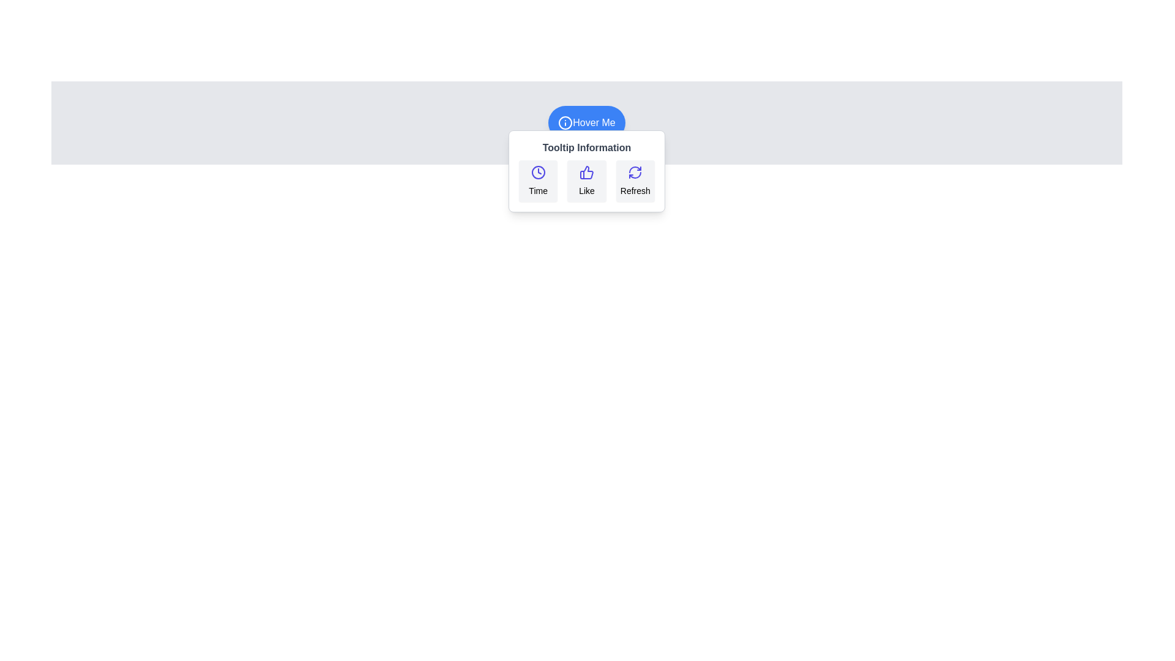  What do you see at coordinates (586, 172) in the screenshot?
I see `the 'Like' icon located in the second column of the three buttons below the 'Tooltip Information' label` at bounding box center [586, 172].